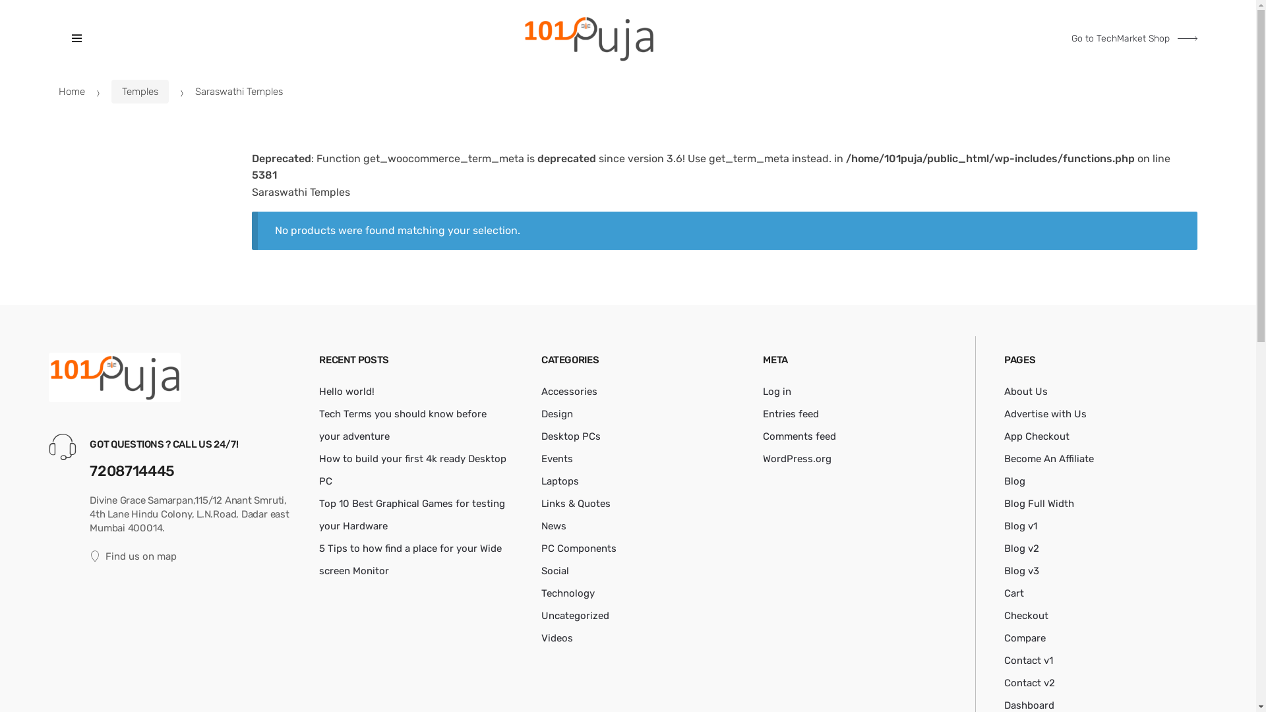 This screenshot has height=712, width=1266. Describe the element at coordinates (140, 90) in the screenshot. I see `'Temples'` at that location.